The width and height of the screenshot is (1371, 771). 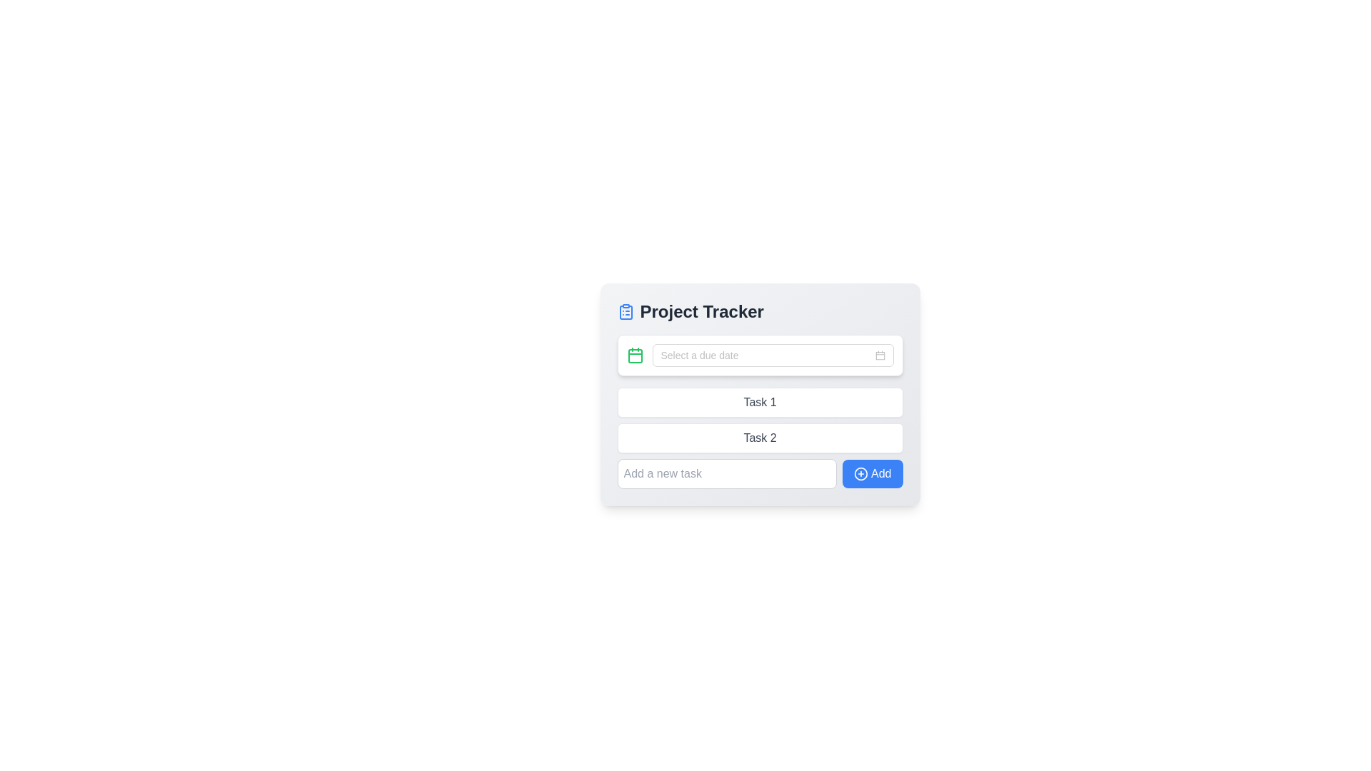 What do you see at coordinates (772, 354) in the screenshot?
I see `the Date picker input field, which is the first input field in the 'Project Tracker' form` at bounding box center [772, 354].